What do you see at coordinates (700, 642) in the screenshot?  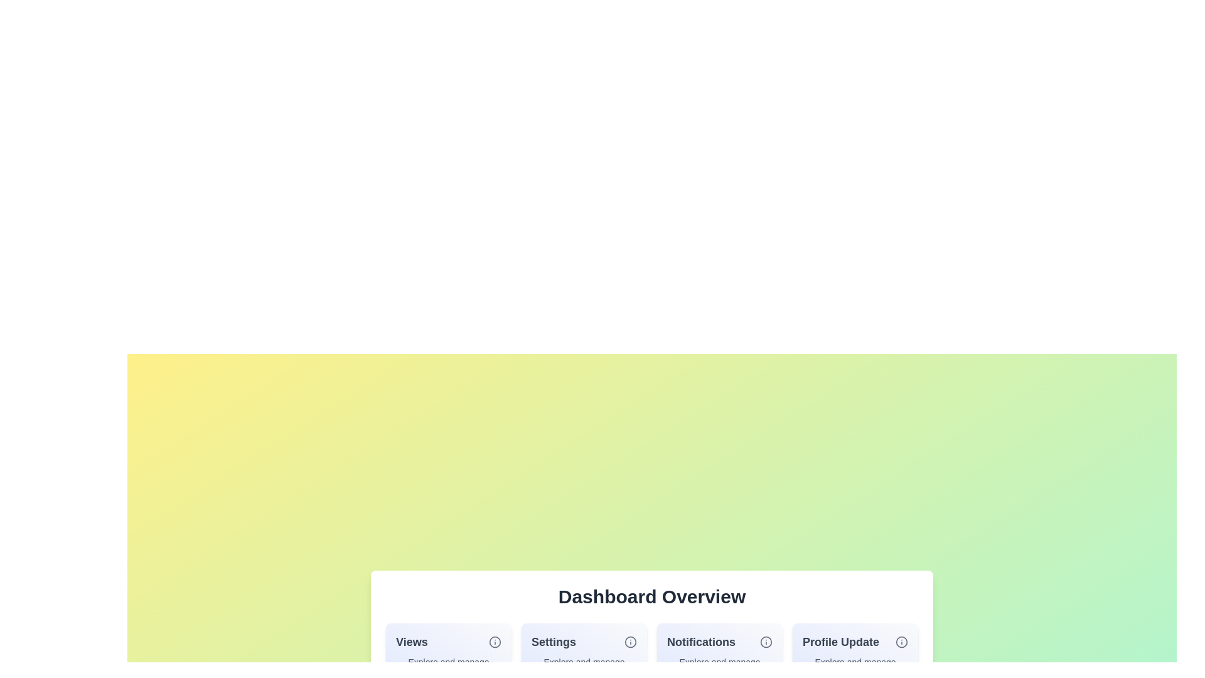 I see `the text label displaying 'Notifications' which is bold, slightly larger, and grayish in color, located centrally within its highlighted section` at bounding box center [700, 642].